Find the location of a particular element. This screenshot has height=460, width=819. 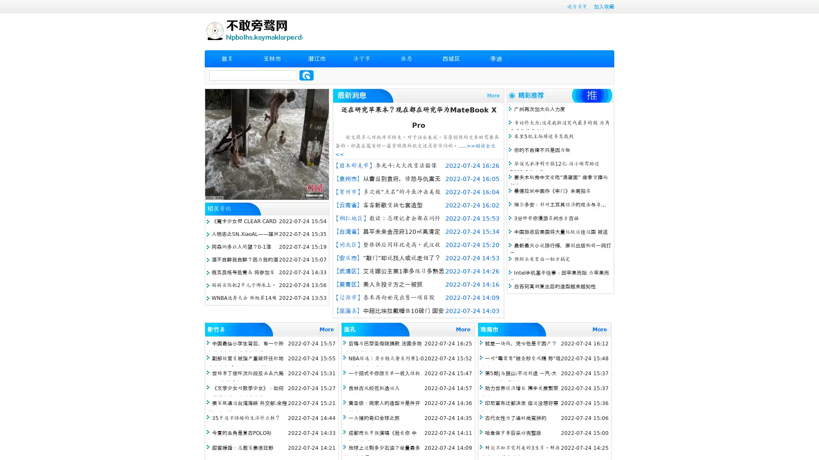

Search is located at coordinates (306, 75).